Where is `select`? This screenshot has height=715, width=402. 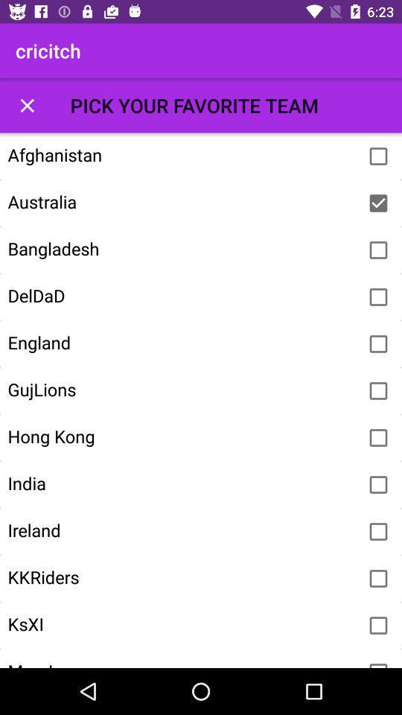
select is located at coordinates (378, 438).